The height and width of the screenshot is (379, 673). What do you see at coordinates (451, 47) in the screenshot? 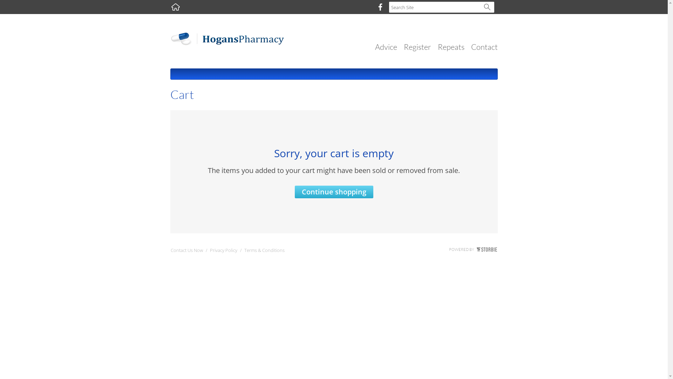
I see `'Repeats'` at bounding box center [451, 47].